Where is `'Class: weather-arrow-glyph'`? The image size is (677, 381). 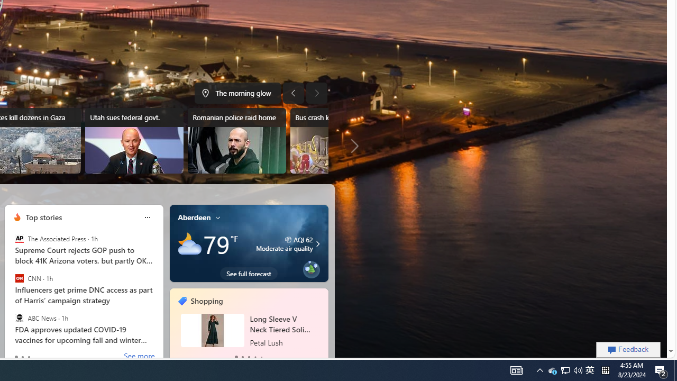
'Class: weather-arrow-glyph' is located at coordinates (317, 244).